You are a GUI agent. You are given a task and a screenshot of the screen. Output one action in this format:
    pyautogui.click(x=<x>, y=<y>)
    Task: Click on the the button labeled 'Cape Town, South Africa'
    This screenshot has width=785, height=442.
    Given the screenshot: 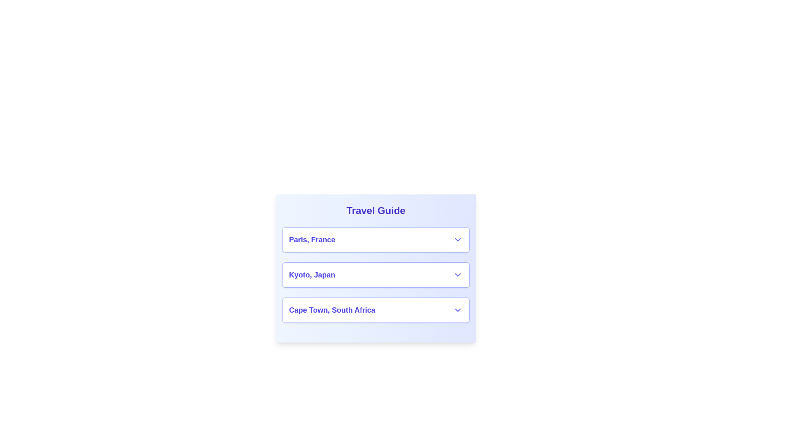 What is the action you would take?
    pyautogui.click(x=375, y=310)
    